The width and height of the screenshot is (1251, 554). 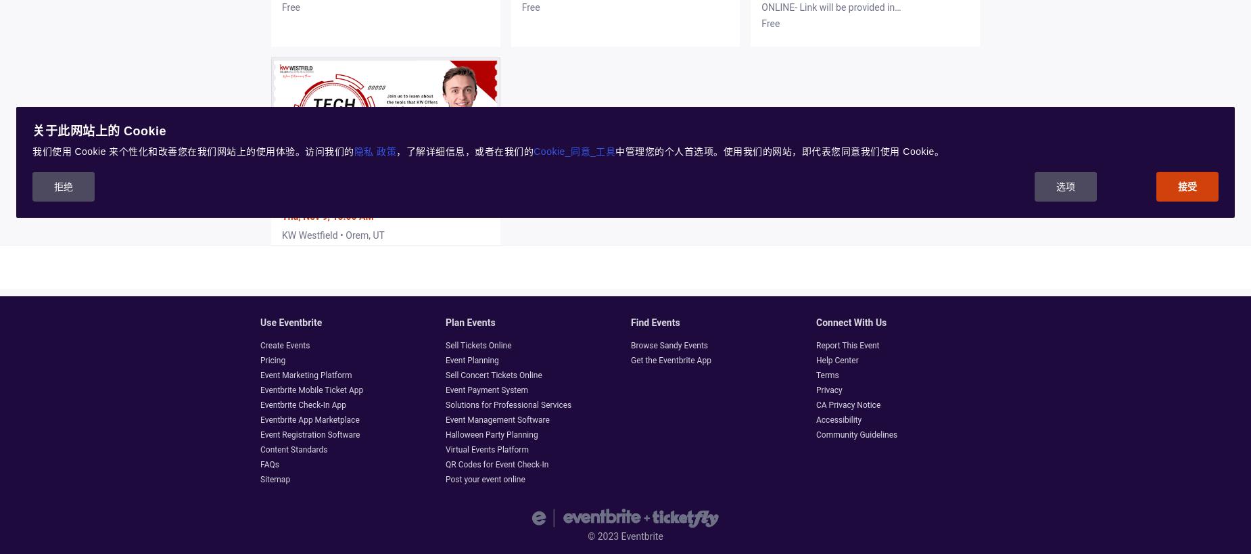 What do you see at coordinates (259, 390) in the screenshot?
I see `'Eventbrite Mobile Ticket App'` at bounding box center [259, 390].